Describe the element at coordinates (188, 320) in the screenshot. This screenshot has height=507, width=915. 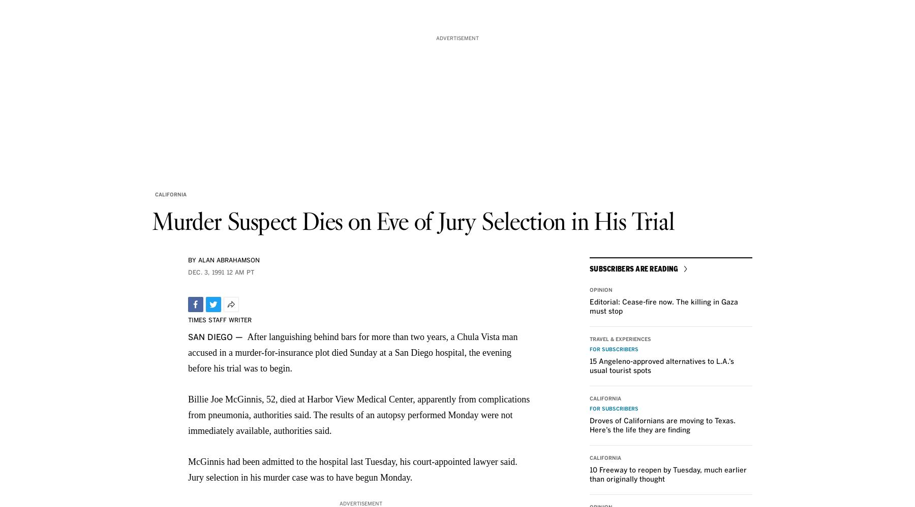
I see `'TIMES STAFF WRITER'` at that location.